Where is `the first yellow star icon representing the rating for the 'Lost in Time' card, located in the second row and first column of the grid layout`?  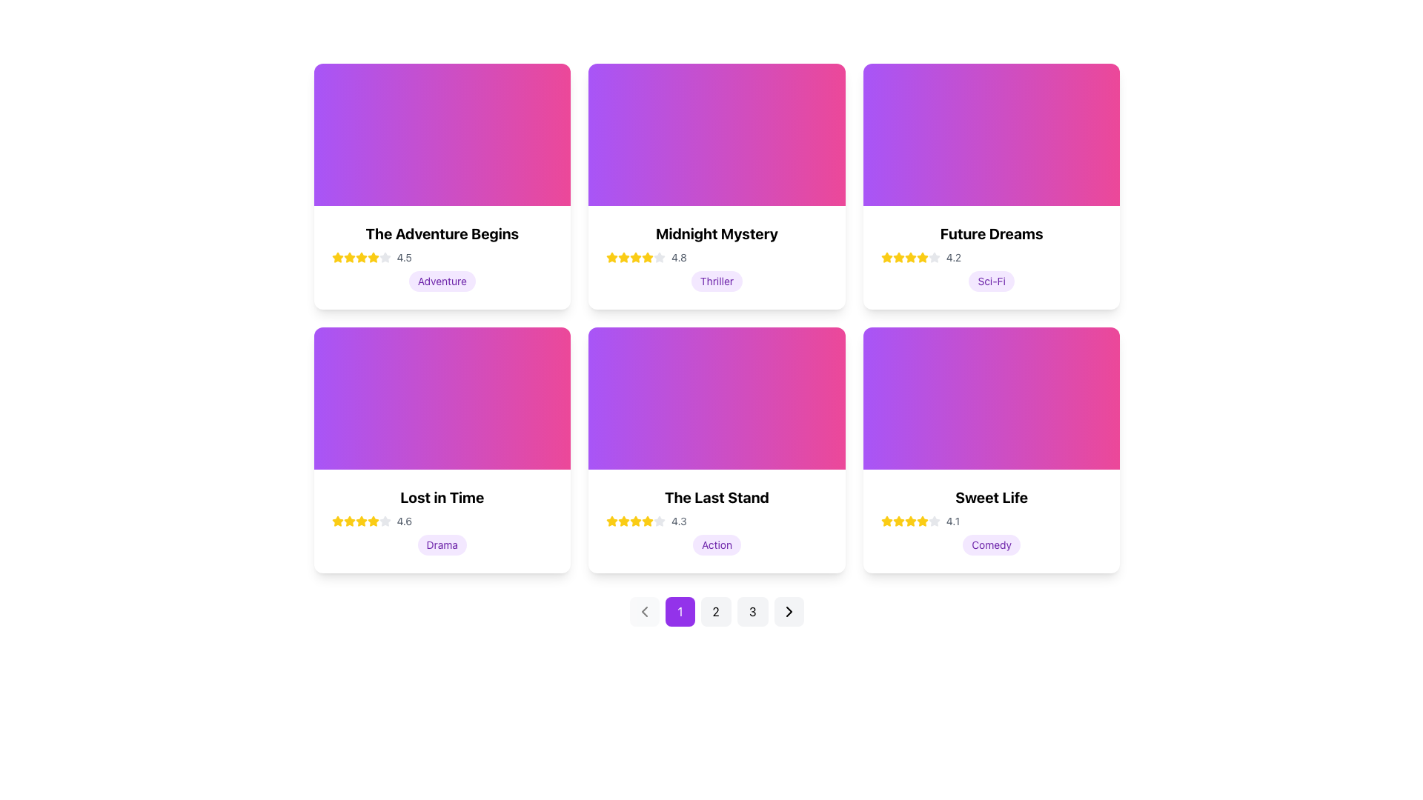 the first yellow star icon representing the rating for the 'Lost in Time' card, located in the second row and first column of the grid layout is located at coordinates (336, 521).